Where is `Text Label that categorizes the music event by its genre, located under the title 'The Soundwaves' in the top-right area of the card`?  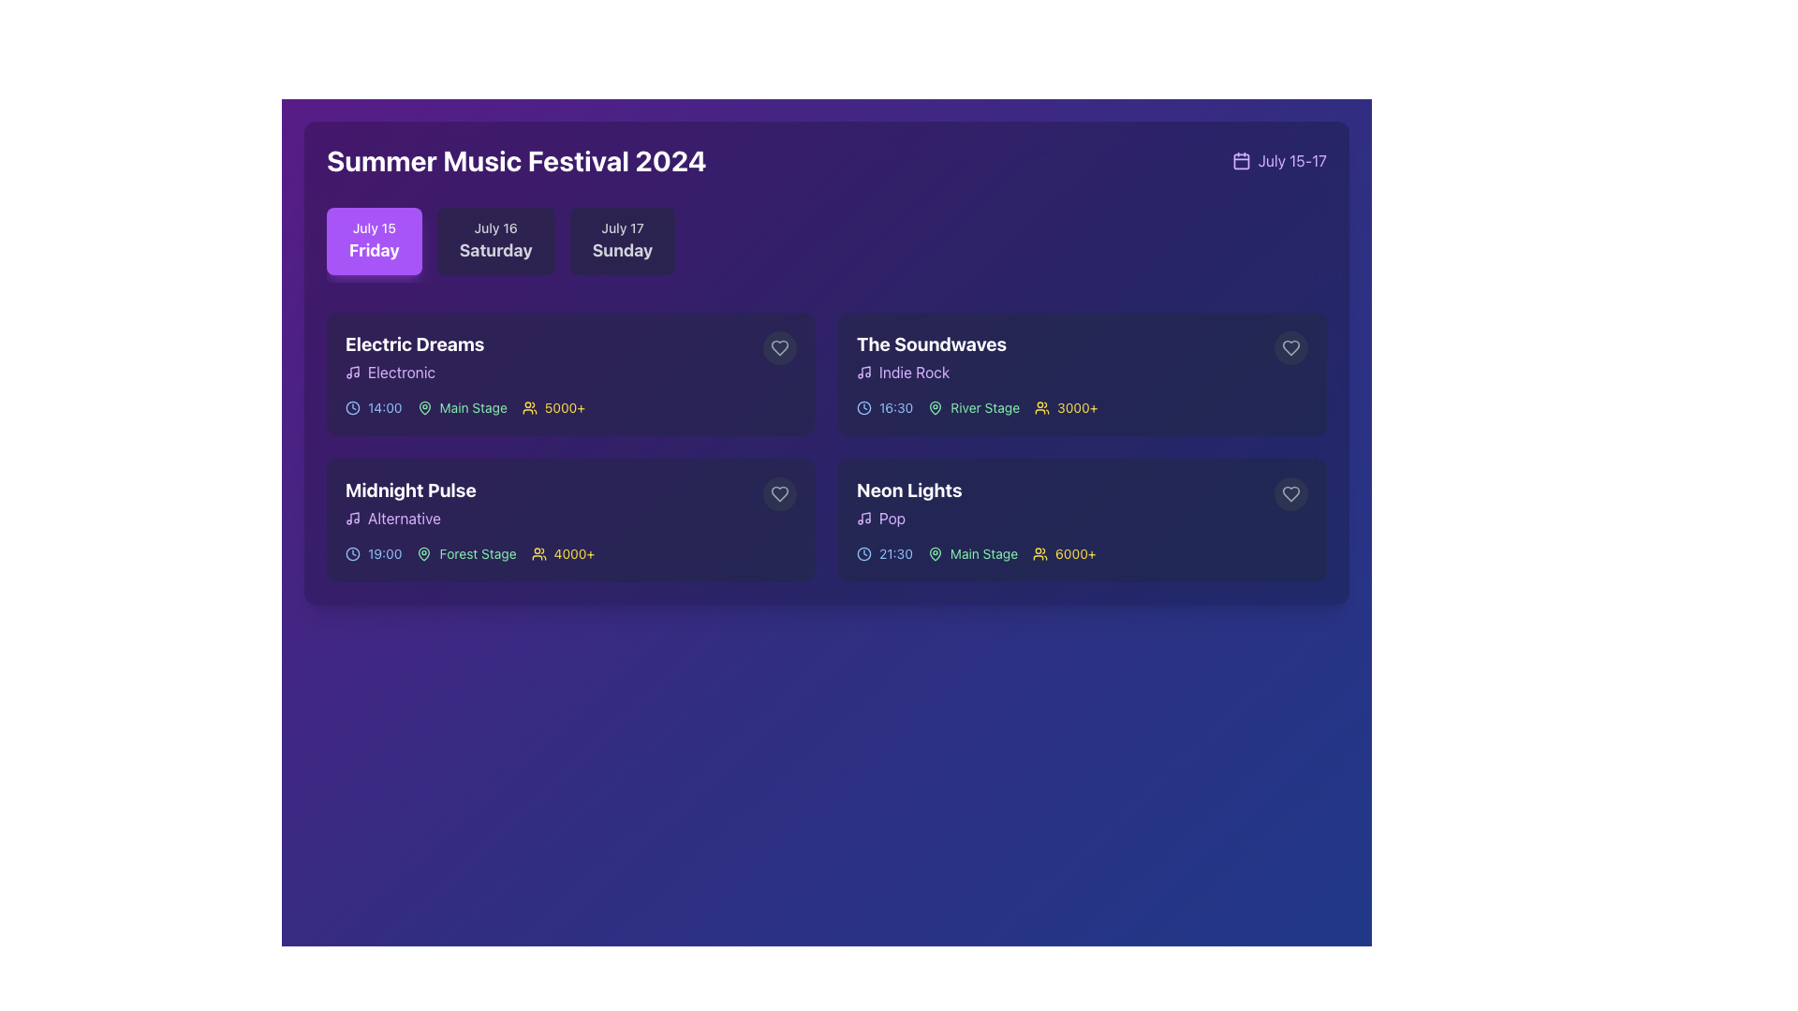 Text Label that categorizes the music event by its genre, located under the title 'The Soundwaves' in the top-right area of the card is located at coordinates (914, 372).